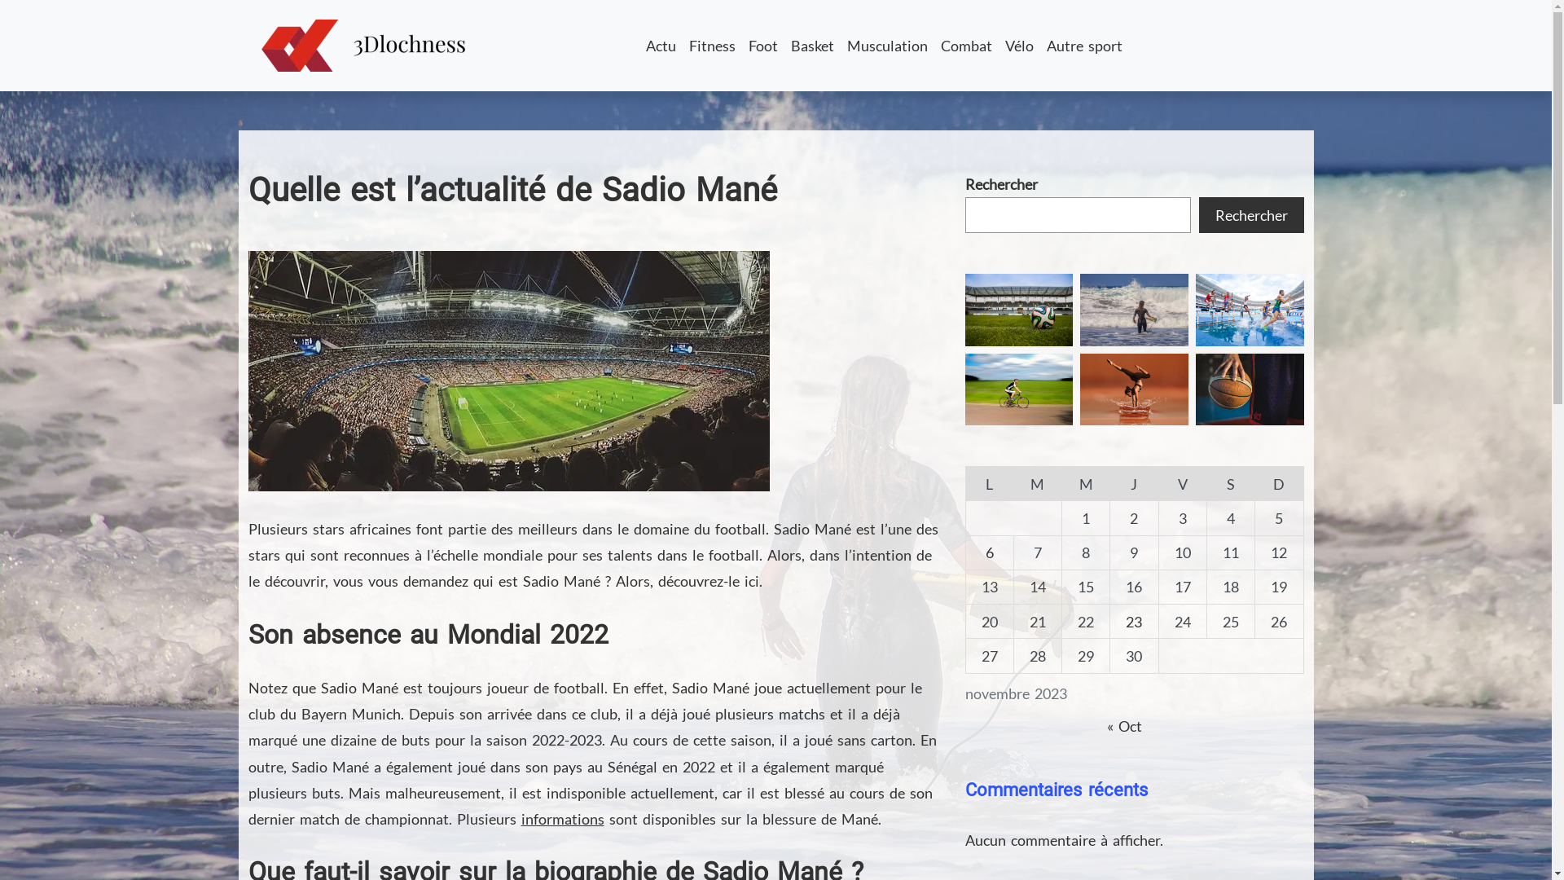 Image resolution: width=1564 pixels, height=880 pixels. I want to click on 'informations', so click(563, 819).